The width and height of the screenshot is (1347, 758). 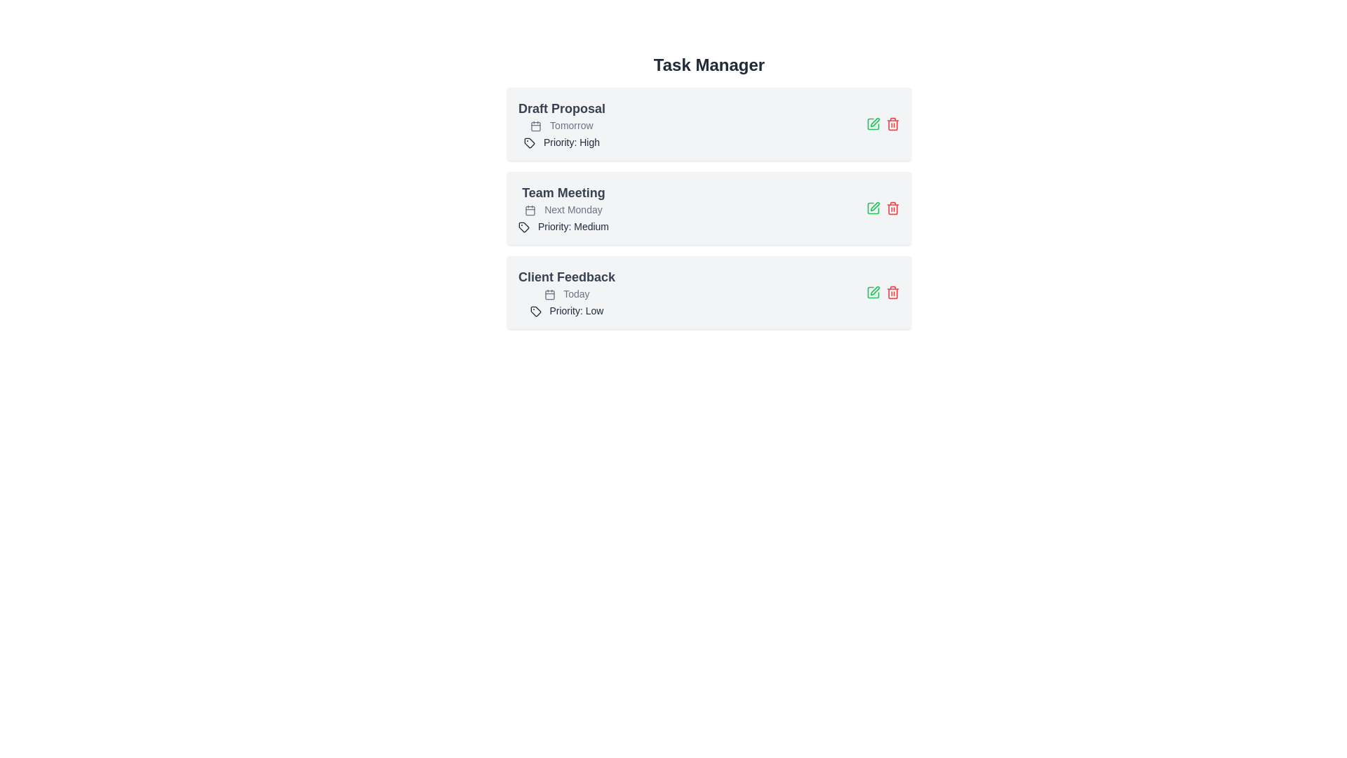 What do you see at coordinates (535, 126) in the screenshot?
I see `the calendar icon located to the left of the text 'Tomorrow' in the 'Draft Proposal' task section` at bounding box center [535, 126].